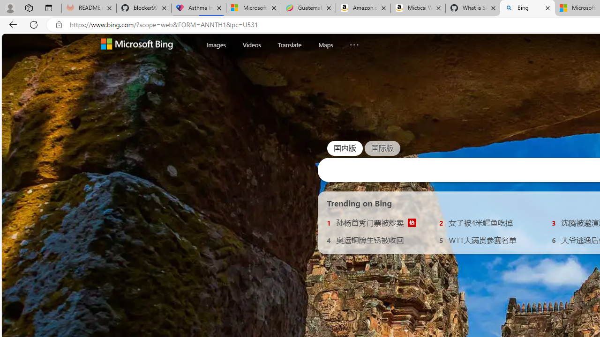 Image resolution: width=600 pixels, height=337 pixels. I want to click on 'Videos', so click(251, 44).